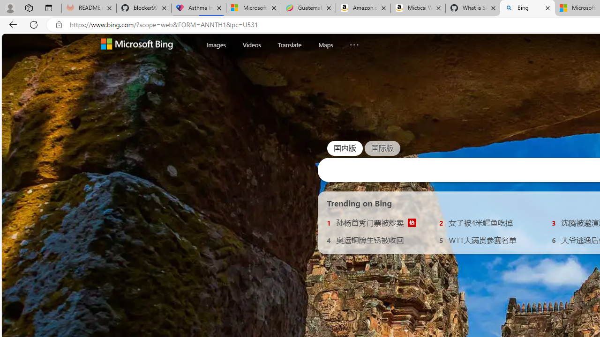 Image resolution: width=600 pixels, height=337 pixels. I want to click on 'Videos', so click(251, 44).